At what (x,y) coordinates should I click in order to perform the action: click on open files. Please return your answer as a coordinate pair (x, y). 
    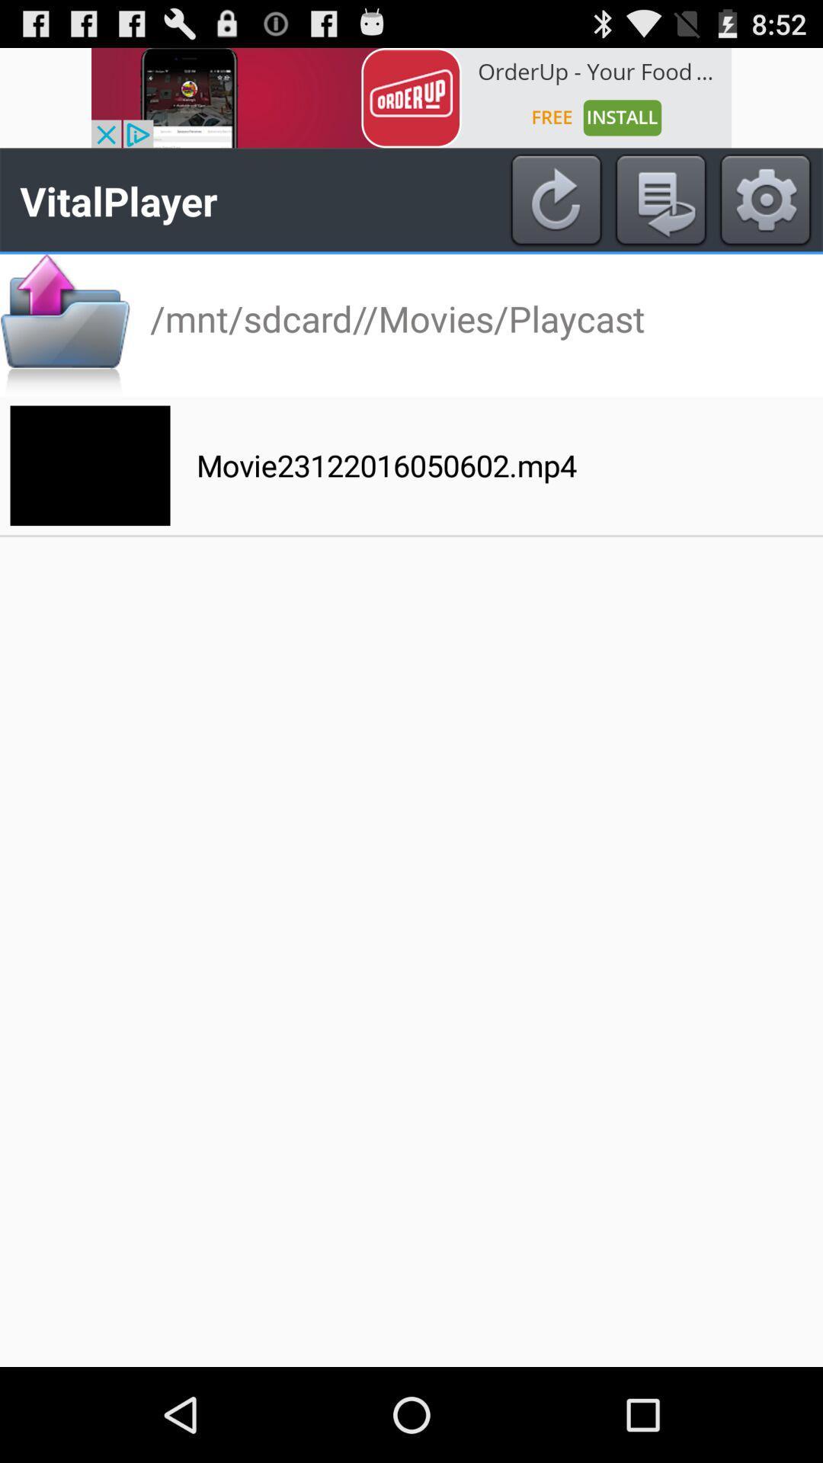
    Looking at the image, I should click on (64, 325).